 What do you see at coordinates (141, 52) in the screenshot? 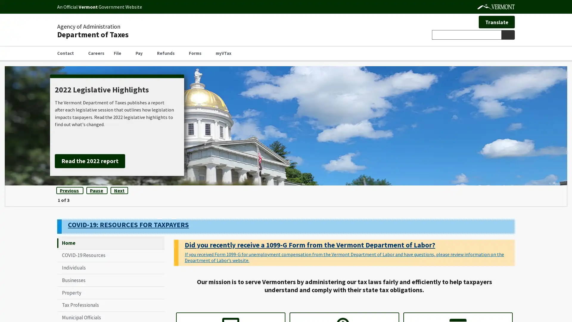
I see `Pay` at bounding box center [141, 52].